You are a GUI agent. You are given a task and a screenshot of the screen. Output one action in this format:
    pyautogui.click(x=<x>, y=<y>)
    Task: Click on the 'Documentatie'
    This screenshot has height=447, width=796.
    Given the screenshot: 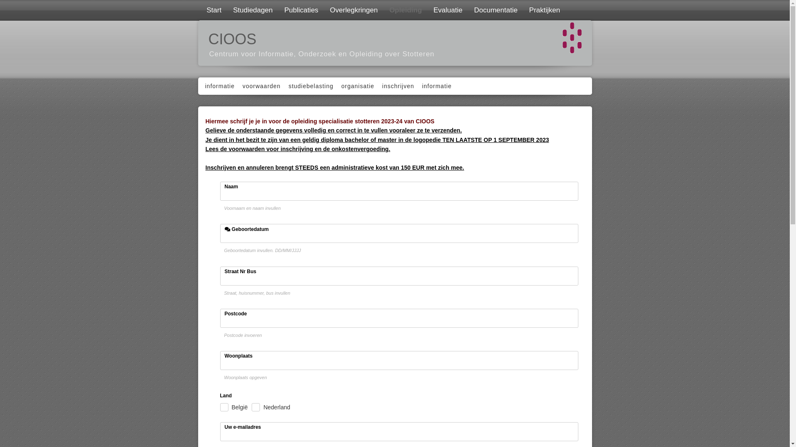 What is the action you would take?
    pyautogui.click(x=495, y=10)
    